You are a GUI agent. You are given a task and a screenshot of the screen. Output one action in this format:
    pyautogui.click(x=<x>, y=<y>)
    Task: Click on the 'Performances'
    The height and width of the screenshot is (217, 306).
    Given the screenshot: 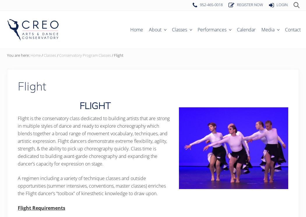 What is the action you would take?
    pyautogui.click(x=212, y=29)
    